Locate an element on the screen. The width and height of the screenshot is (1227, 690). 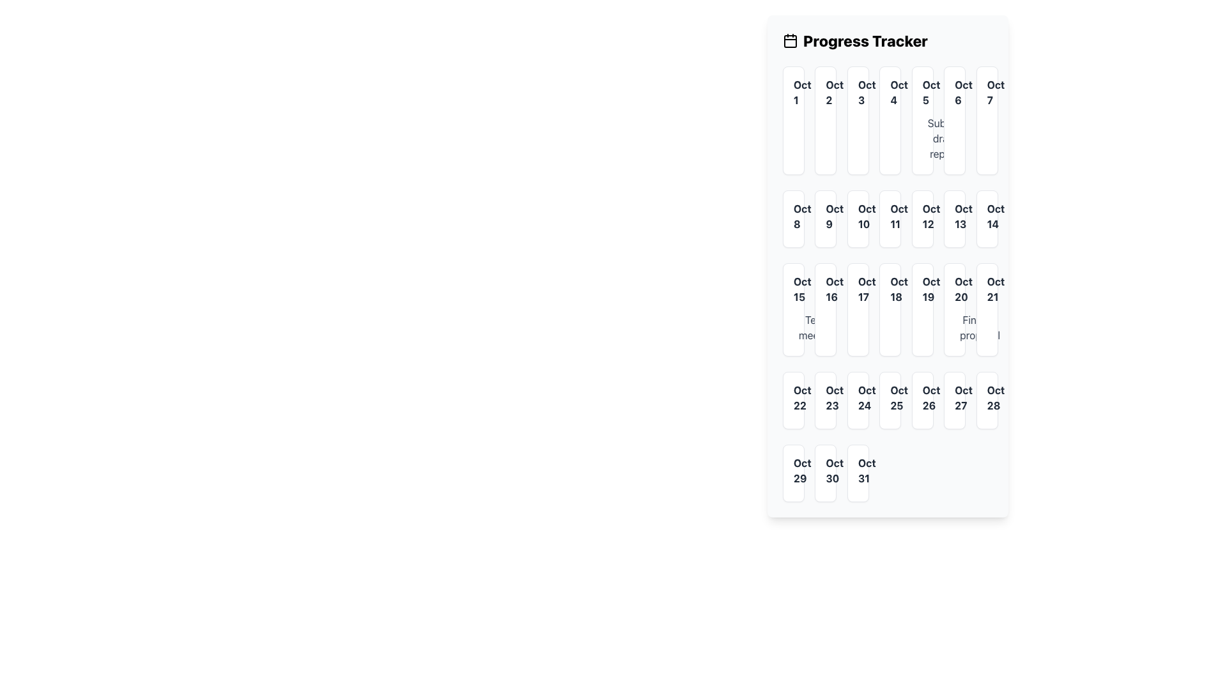
the circular SVG element outlined with a thin stroke, positioned above the date 'Oct 20' in the interactive calendar grid is located at coordinates (962, 327).